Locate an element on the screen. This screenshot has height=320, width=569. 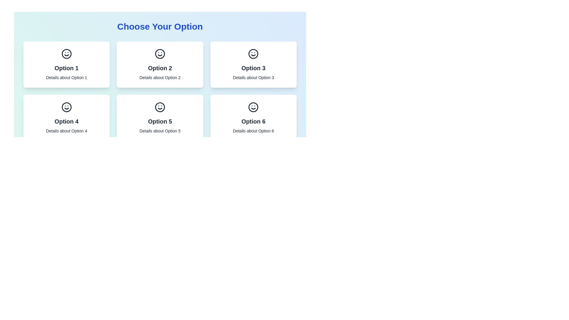
the decorative circular illustration within the smiley face icon that is part of the 'Option 3' card is located at coordinates (253, 54).